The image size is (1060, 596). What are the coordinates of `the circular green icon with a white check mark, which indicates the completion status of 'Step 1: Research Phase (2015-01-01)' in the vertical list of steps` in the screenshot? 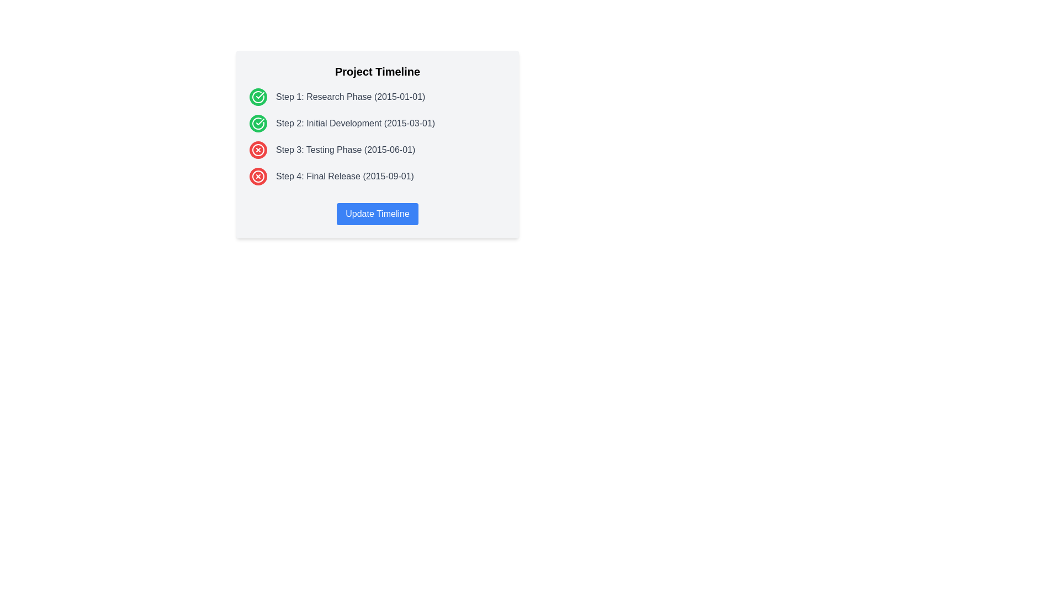 It's located at (257, 97).